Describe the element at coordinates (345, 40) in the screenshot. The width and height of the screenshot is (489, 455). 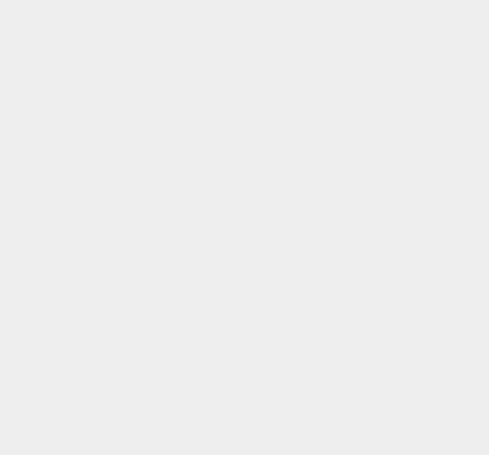
I see `'OS X Mountain Lion'` at that location.